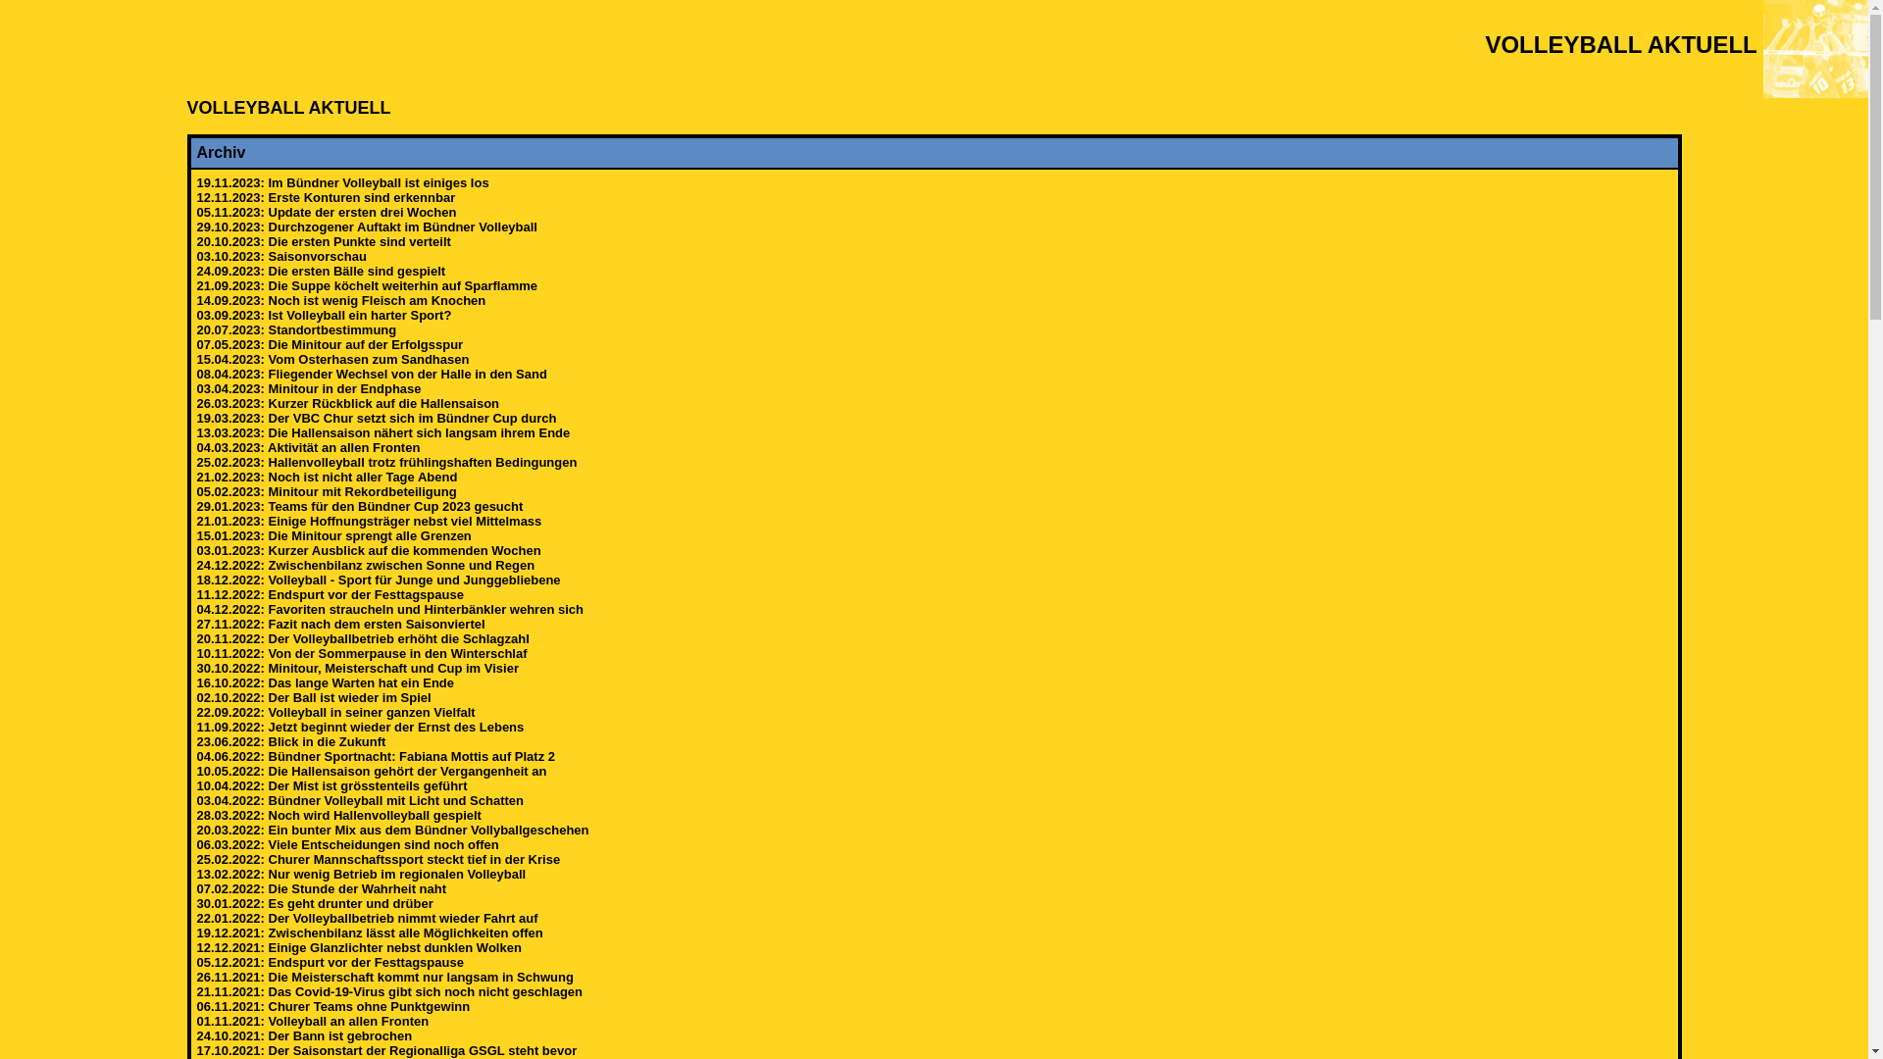 The width and height of the screenshot is (1883, 1059). I want to click on '05.11.2023: Update der ersten drei Wochen', so click(326, 212).